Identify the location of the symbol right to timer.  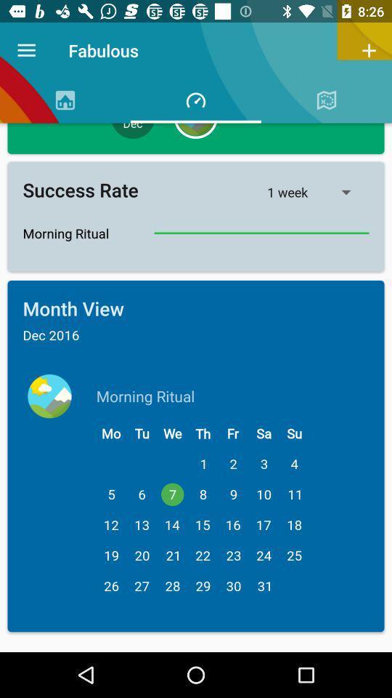
(326, 99).